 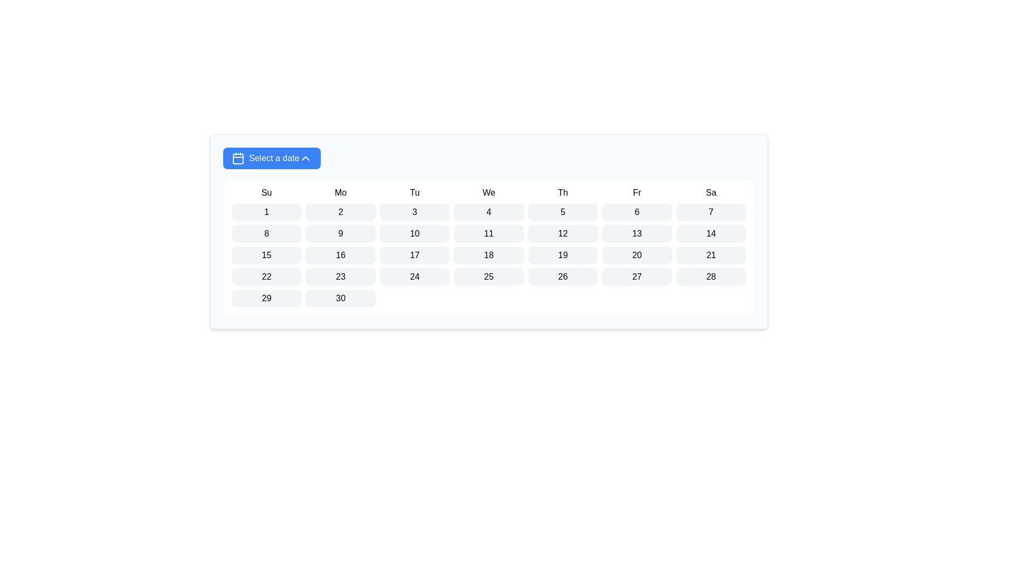 What do you see at coordinates (562, 212) in the screenshot?
I see `the button representing a specific date` at bounding box center [562, 212].